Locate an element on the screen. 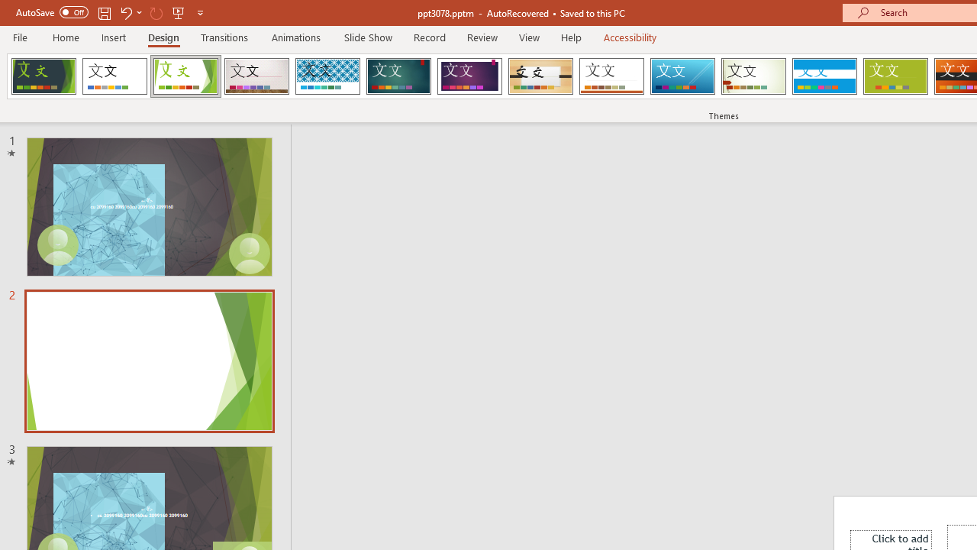 The width and height of the screenshot is (977, 550). 'Office Theme' is located at coordinates (114, 76).